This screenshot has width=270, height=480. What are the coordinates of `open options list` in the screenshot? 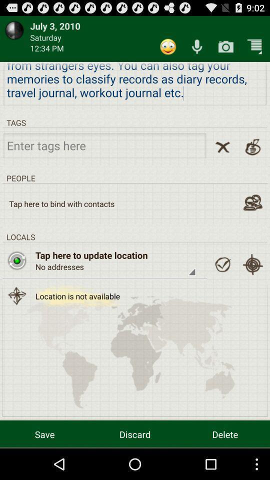 It's located at (254, 46).